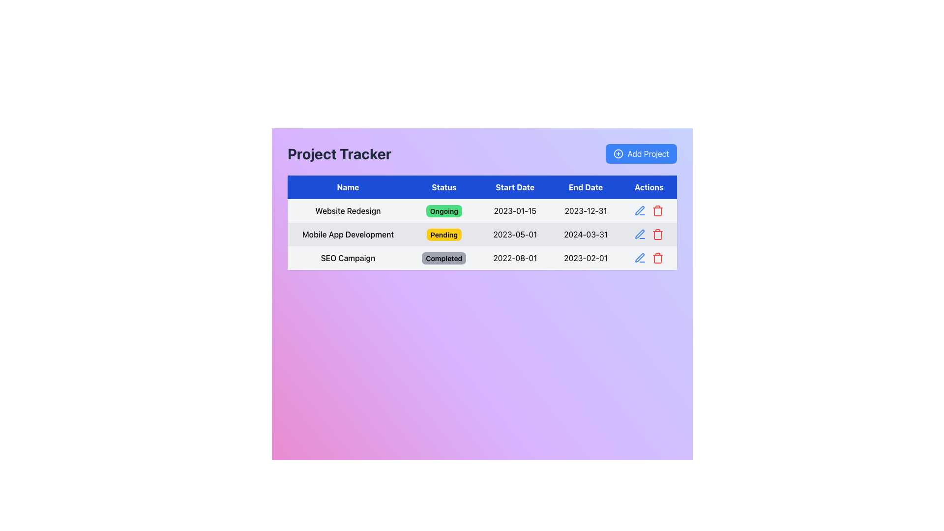  Describe the element at coordinates (618, 153) in the screenshot. I see `the small circle outline within the SVG graphical icon that is part of the 'Add Project' button located at the top-right corner of the interface` at that location.